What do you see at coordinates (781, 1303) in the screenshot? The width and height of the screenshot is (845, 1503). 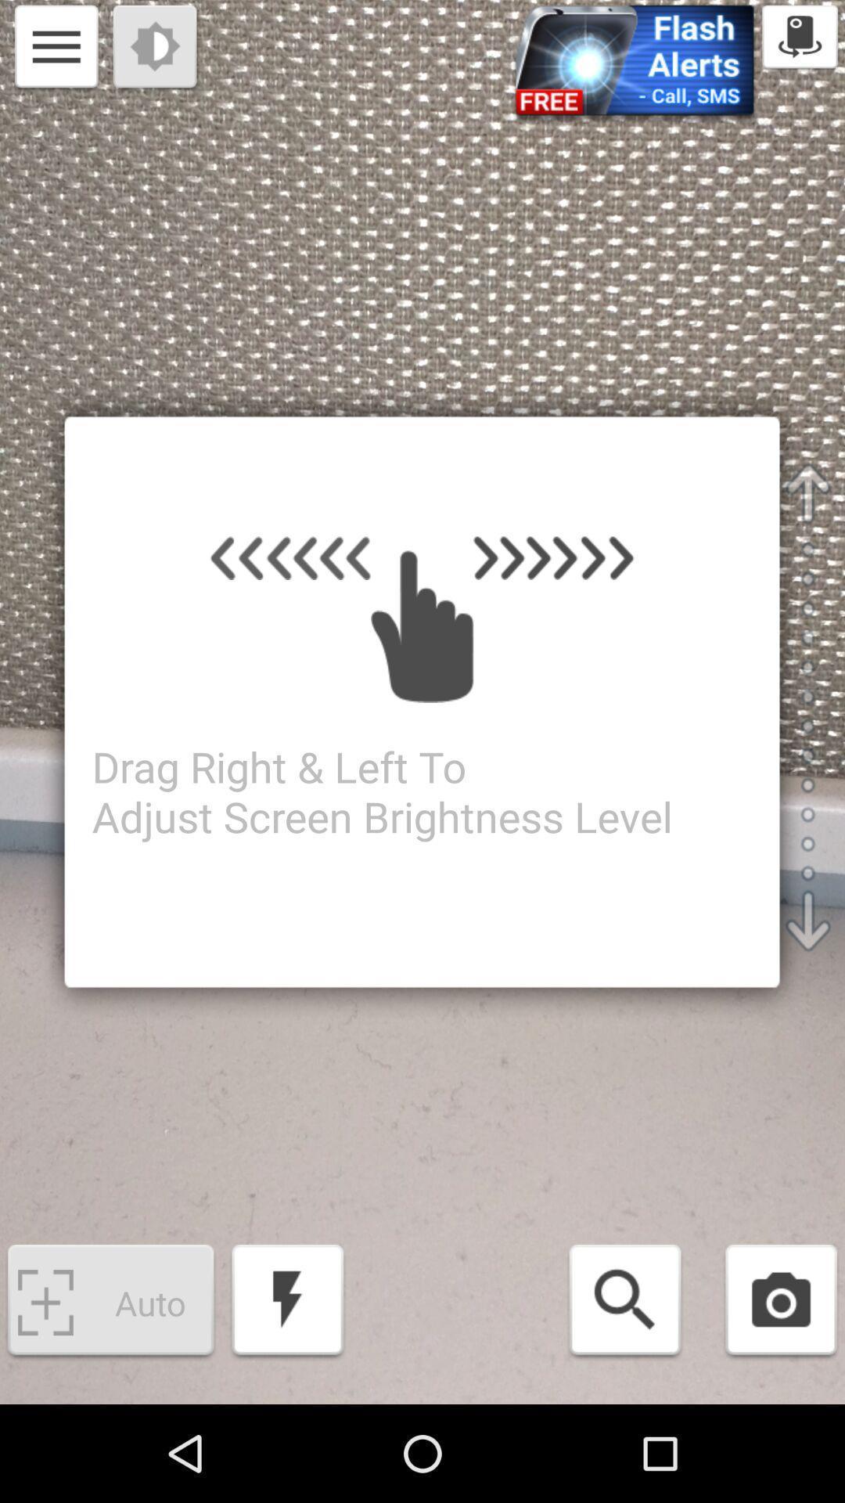 I see `take picture` at bounding box center [781, 1303].